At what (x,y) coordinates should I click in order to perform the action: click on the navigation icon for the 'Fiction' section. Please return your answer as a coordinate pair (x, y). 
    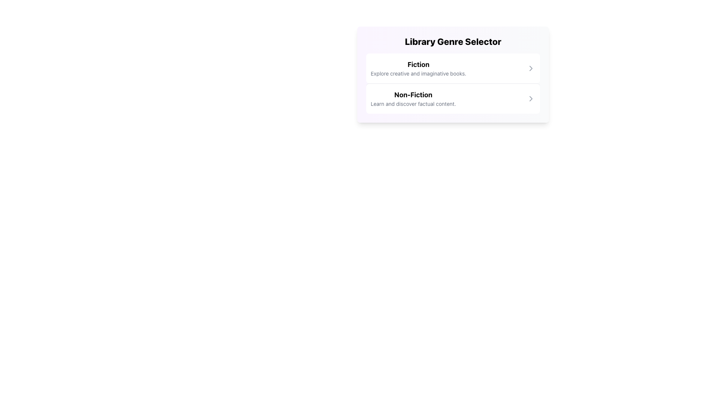
    Looking at the image, I should click on (530, 68).